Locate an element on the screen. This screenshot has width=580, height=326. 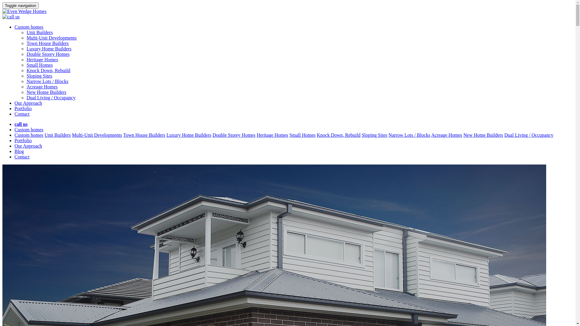
'Portfolio' is located at coordinates (23, 140).